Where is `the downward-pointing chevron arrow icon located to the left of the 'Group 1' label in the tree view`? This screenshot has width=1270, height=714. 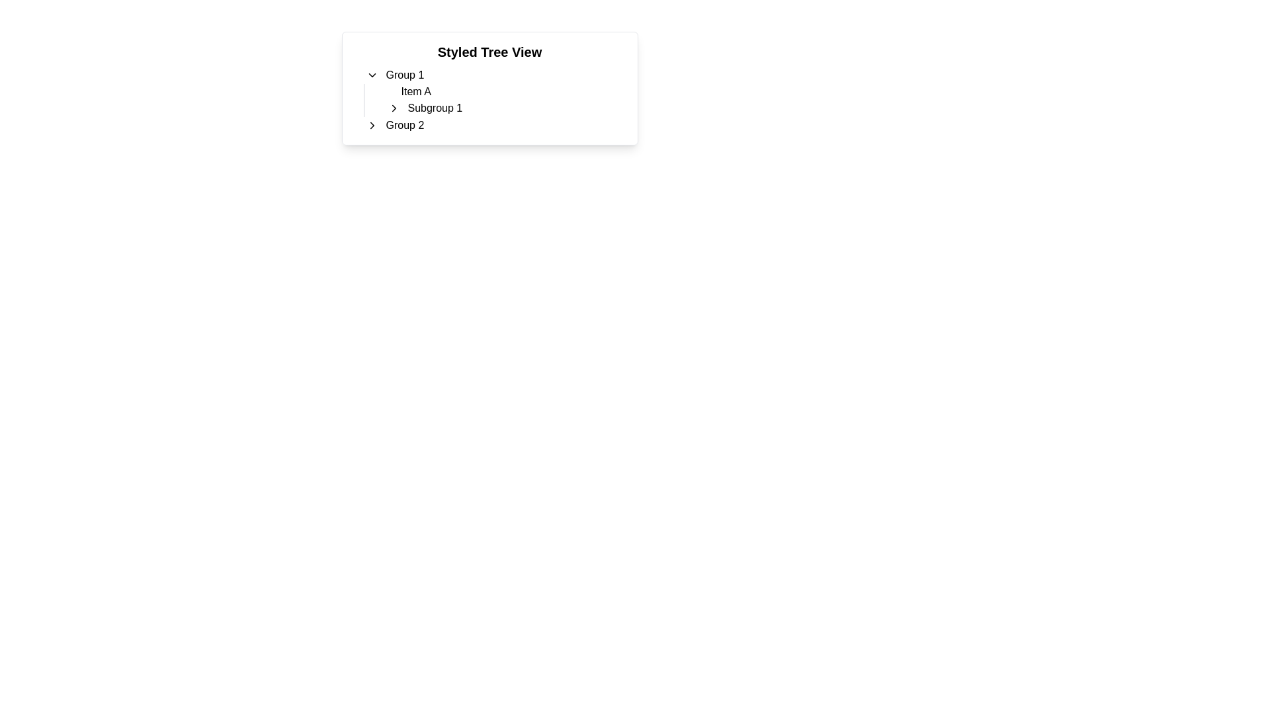
the downward-pointing chevron arrow icon located to the left of the 'Group 1' label in the tree view is located at coordinates (371, 75).